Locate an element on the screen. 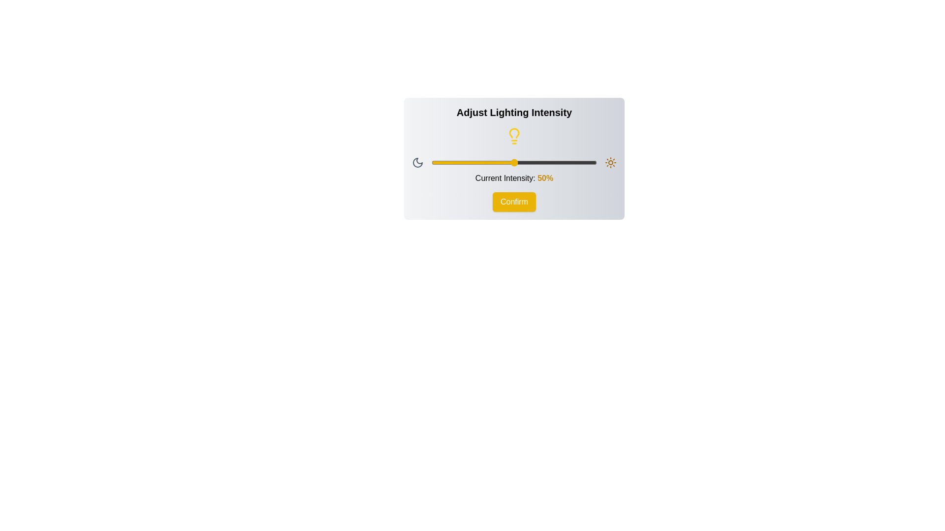  the lighting intensity to 95% using the slider is located at coordinates (589, 162).